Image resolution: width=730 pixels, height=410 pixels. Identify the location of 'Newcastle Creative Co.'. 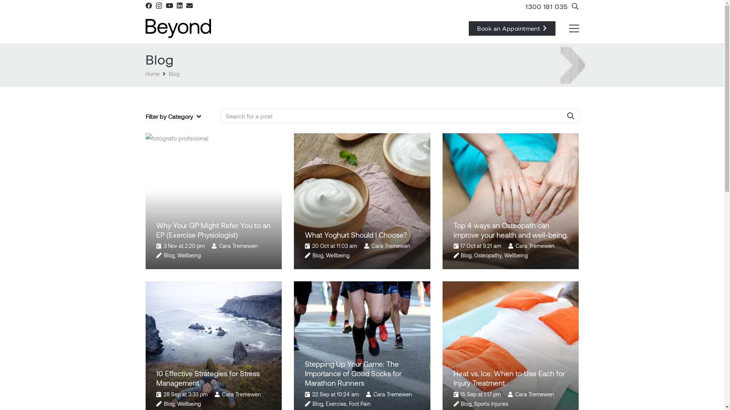
(458, 389).